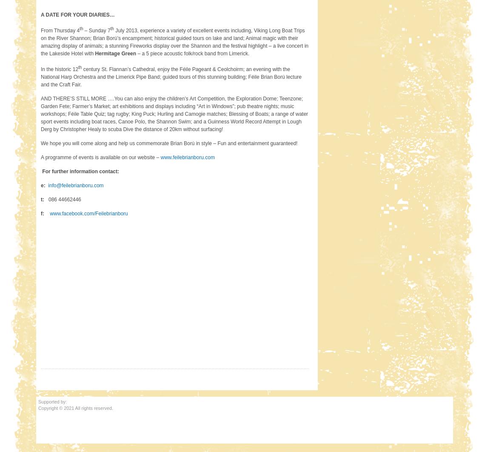 The width and height of the screenshot is (485, 452). Describe the element at coordinates (40, 157) in the screenshot. I see `'A programme of events is available on our website –'` at that location.